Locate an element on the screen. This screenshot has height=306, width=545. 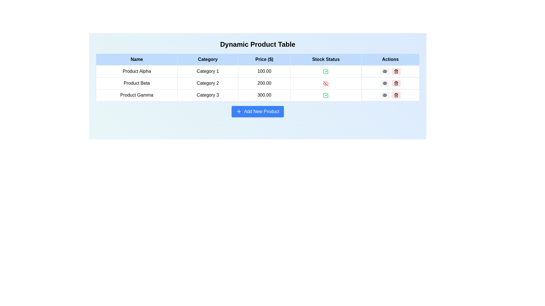
the delete button with a light red background and trash can icon located in the 'Actions' column of the third row in the product table is located at coordinates (396, 95).